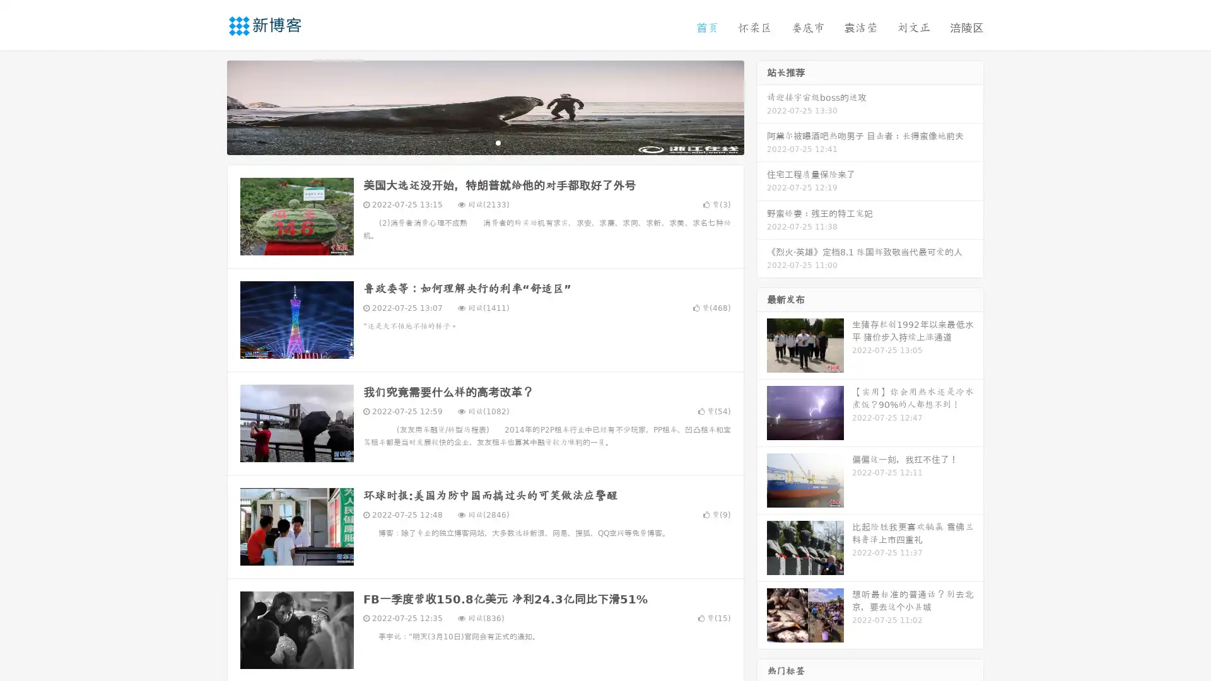  Describe the element at coordinates (472, 142) in the screenshot. I see `Go to slide 1` at that location.